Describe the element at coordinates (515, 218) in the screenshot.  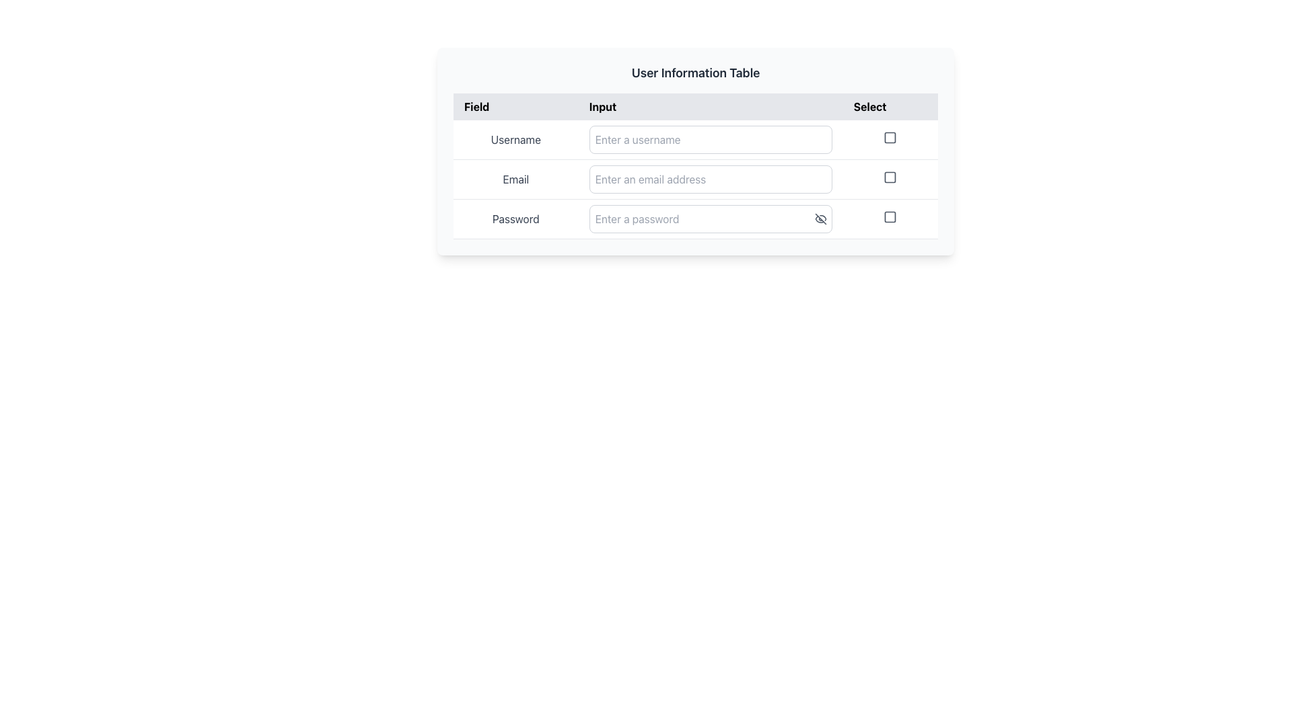
I see `the 'Password' text label within the 'User Information Table' under the 'Field' column` at that location.